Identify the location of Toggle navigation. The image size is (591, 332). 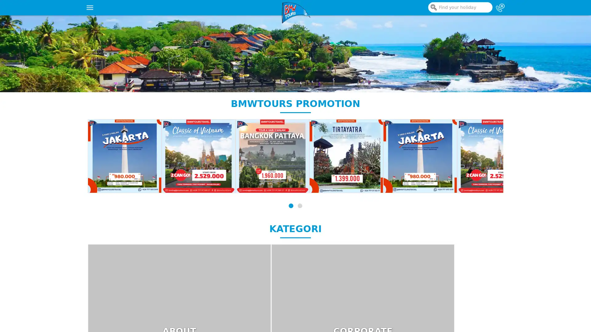
(90, 7).